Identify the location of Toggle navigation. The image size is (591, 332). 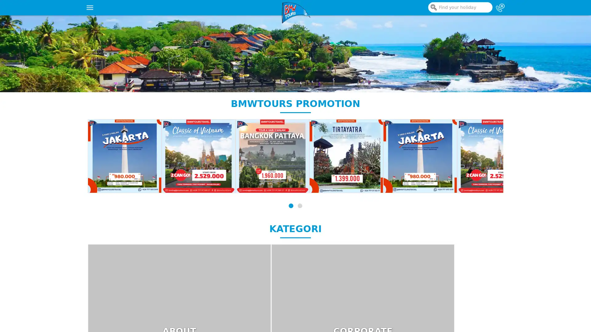
(90, 7).